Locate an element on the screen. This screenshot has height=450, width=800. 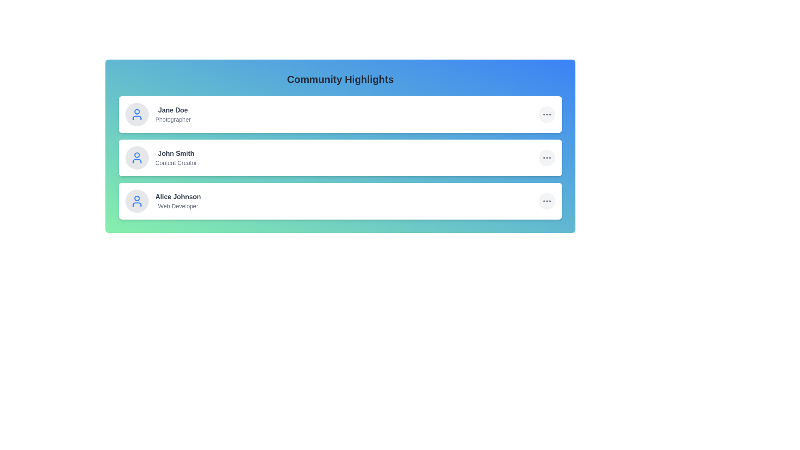
circular user avatar icon with a blue outline and light gray fill, located in the left part of the second entry in a vertically stacked list of user profiles is located at coordinates (137, 155).